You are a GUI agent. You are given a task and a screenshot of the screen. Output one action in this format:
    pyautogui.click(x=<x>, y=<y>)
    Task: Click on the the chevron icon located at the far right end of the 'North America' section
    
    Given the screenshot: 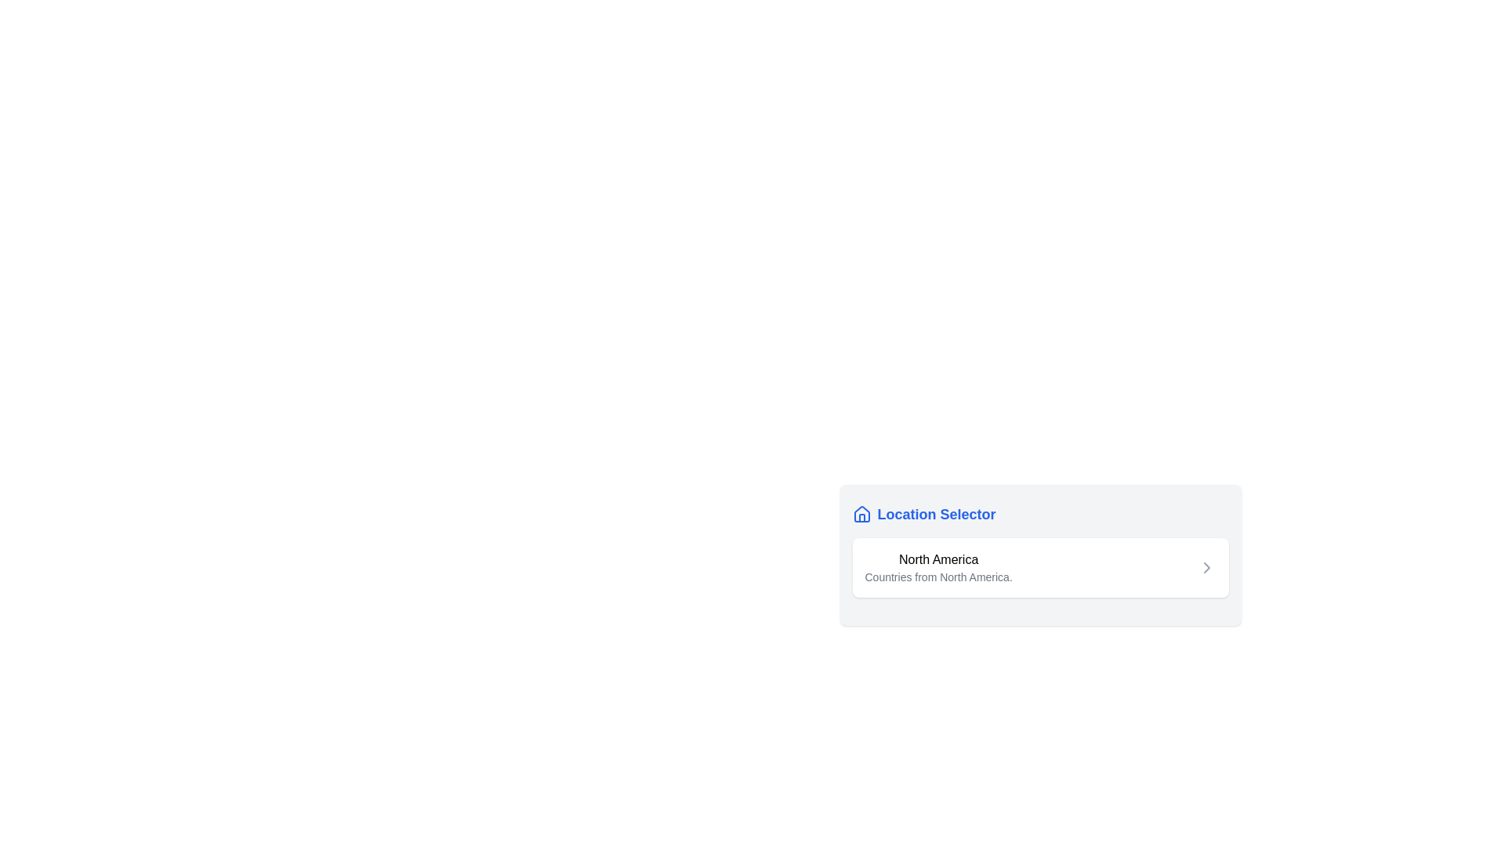 What is the action you would take?
    pyautogui.click(x=1206, y=568)
    